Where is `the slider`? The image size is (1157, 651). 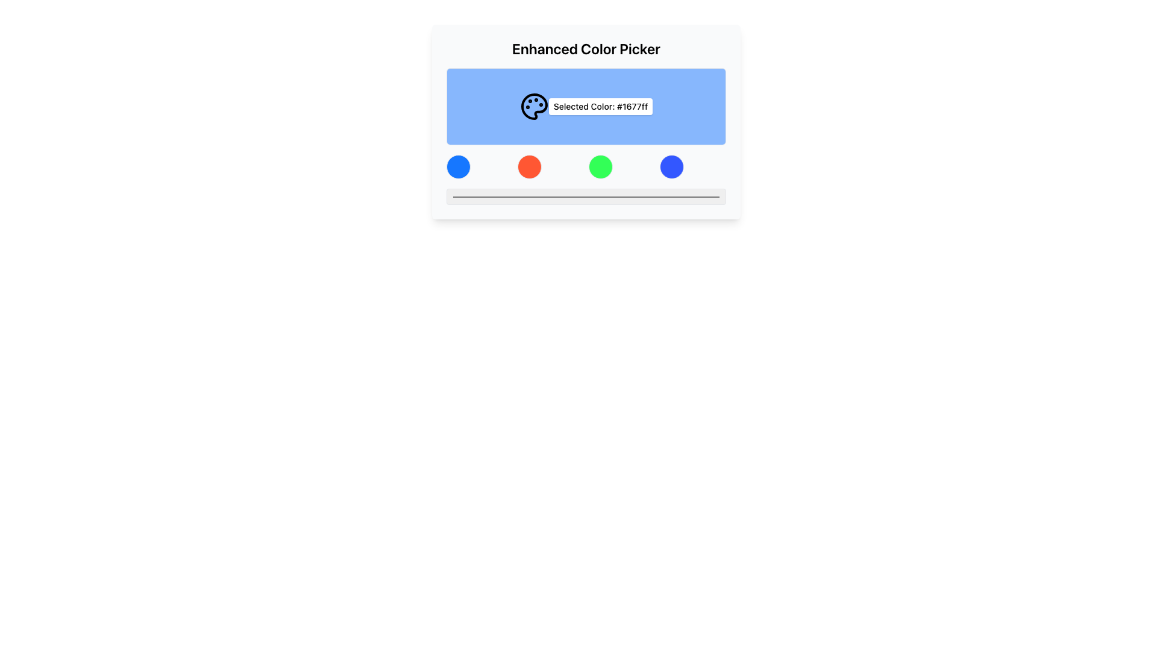
the slider is located at coordinates (679, 196).